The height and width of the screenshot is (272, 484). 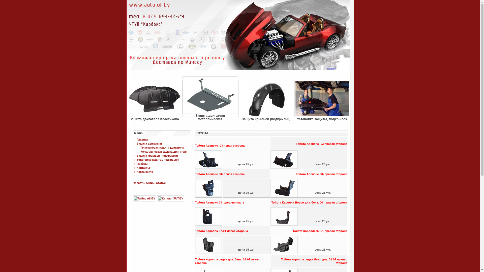 What do you see at coordinates (202, 133) in the screenshot?
I see `'TOYOTA'` at bounding box center [202, 133].